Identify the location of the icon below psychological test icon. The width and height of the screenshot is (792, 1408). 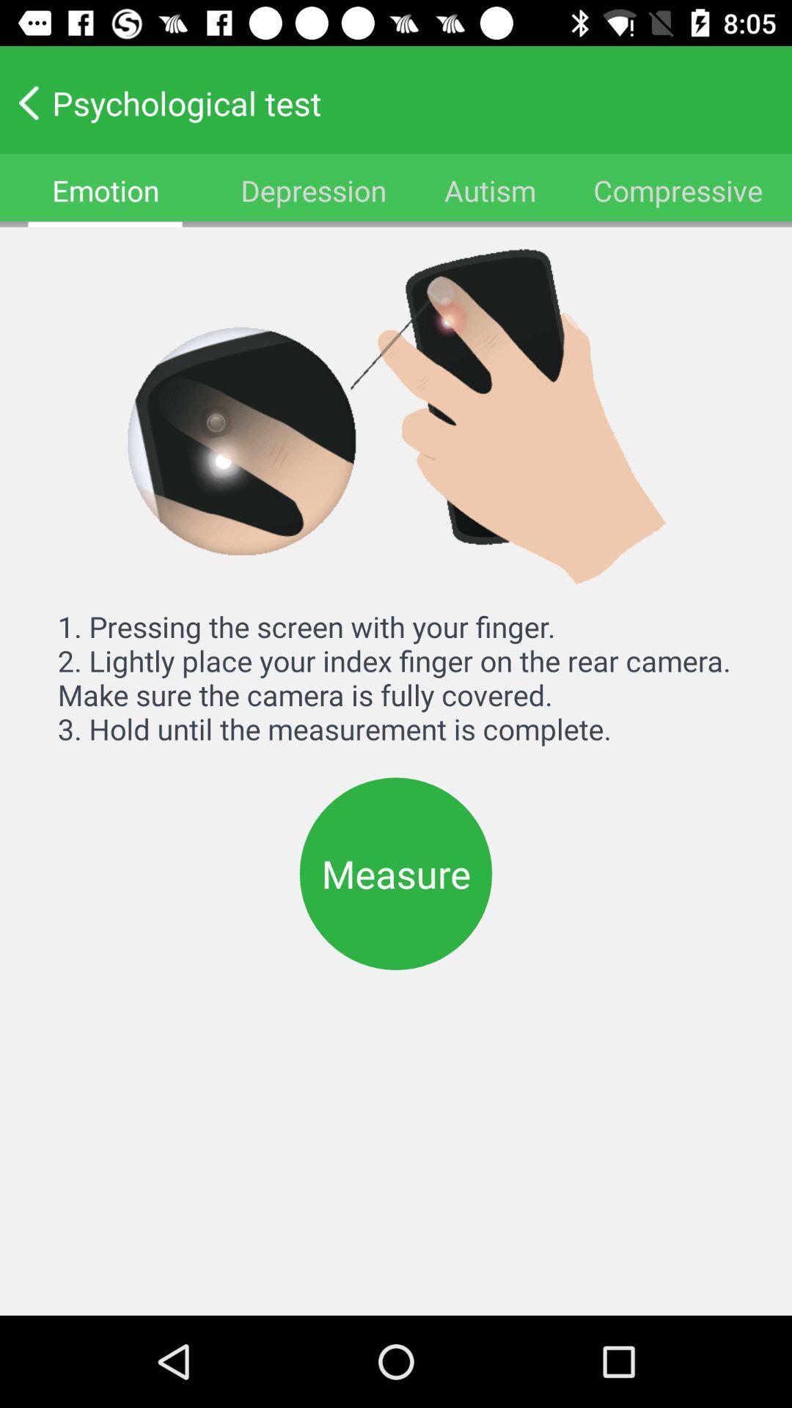
(490, 189).